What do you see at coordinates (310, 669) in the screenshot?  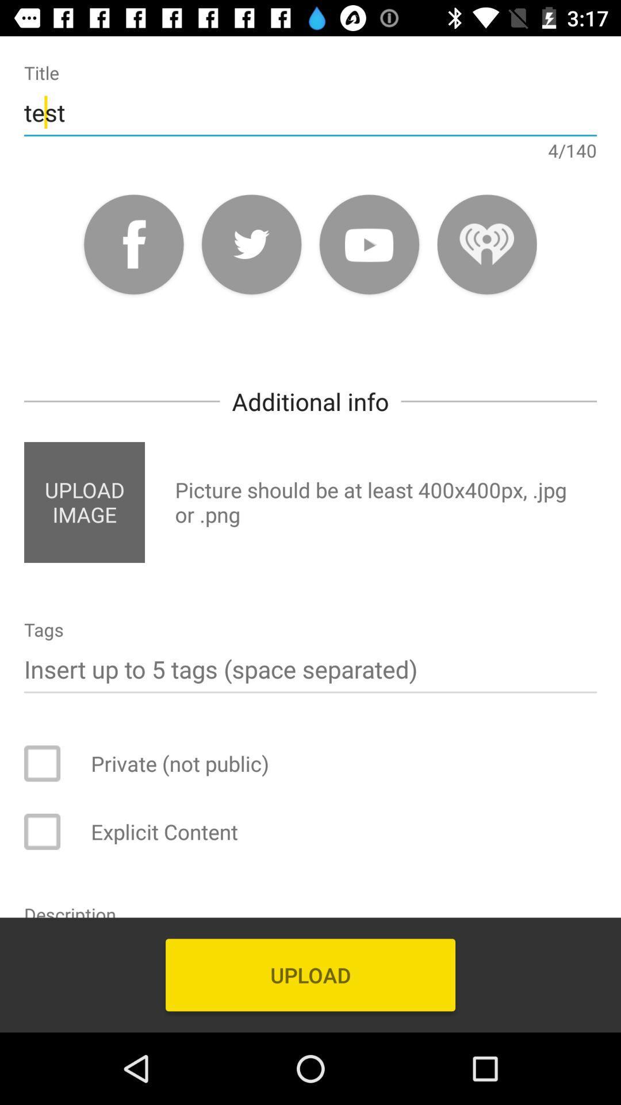 I see `tags` at bounding box center [310, 669].